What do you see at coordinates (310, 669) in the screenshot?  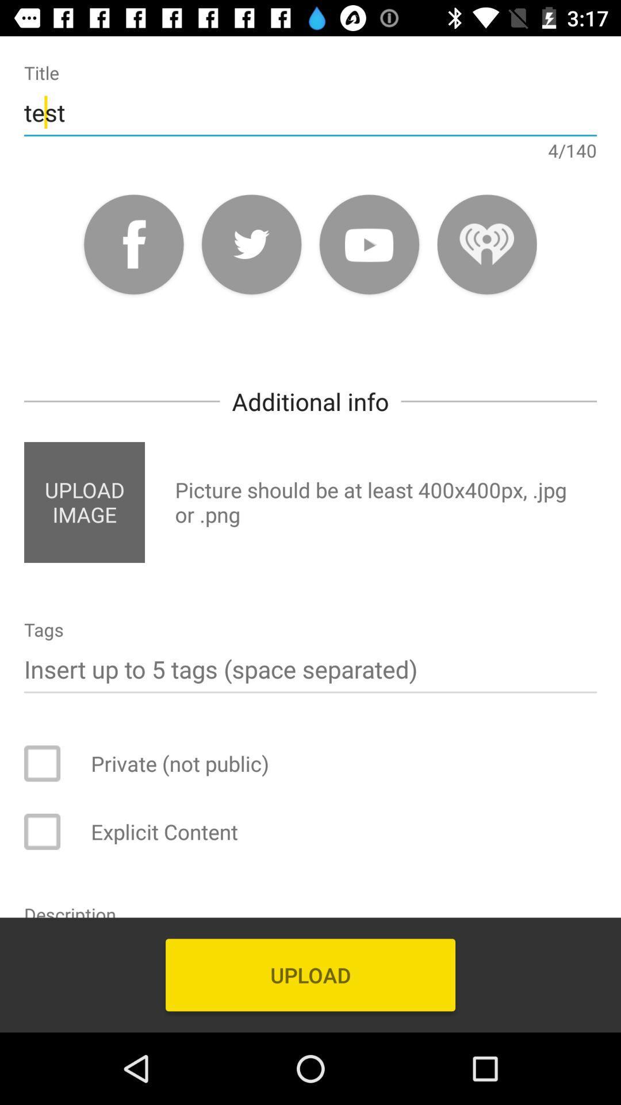 I see `tags` at bounding box center [310, 669].